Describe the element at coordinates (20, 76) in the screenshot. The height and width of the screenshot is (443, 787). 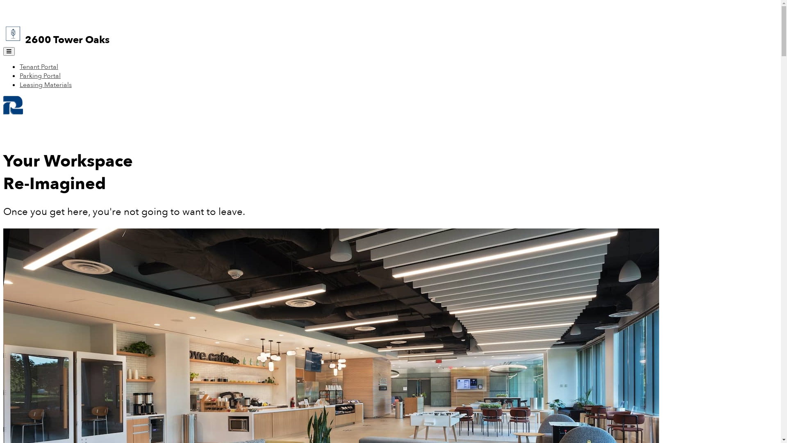
I see `'Parking Portal'` at that location.